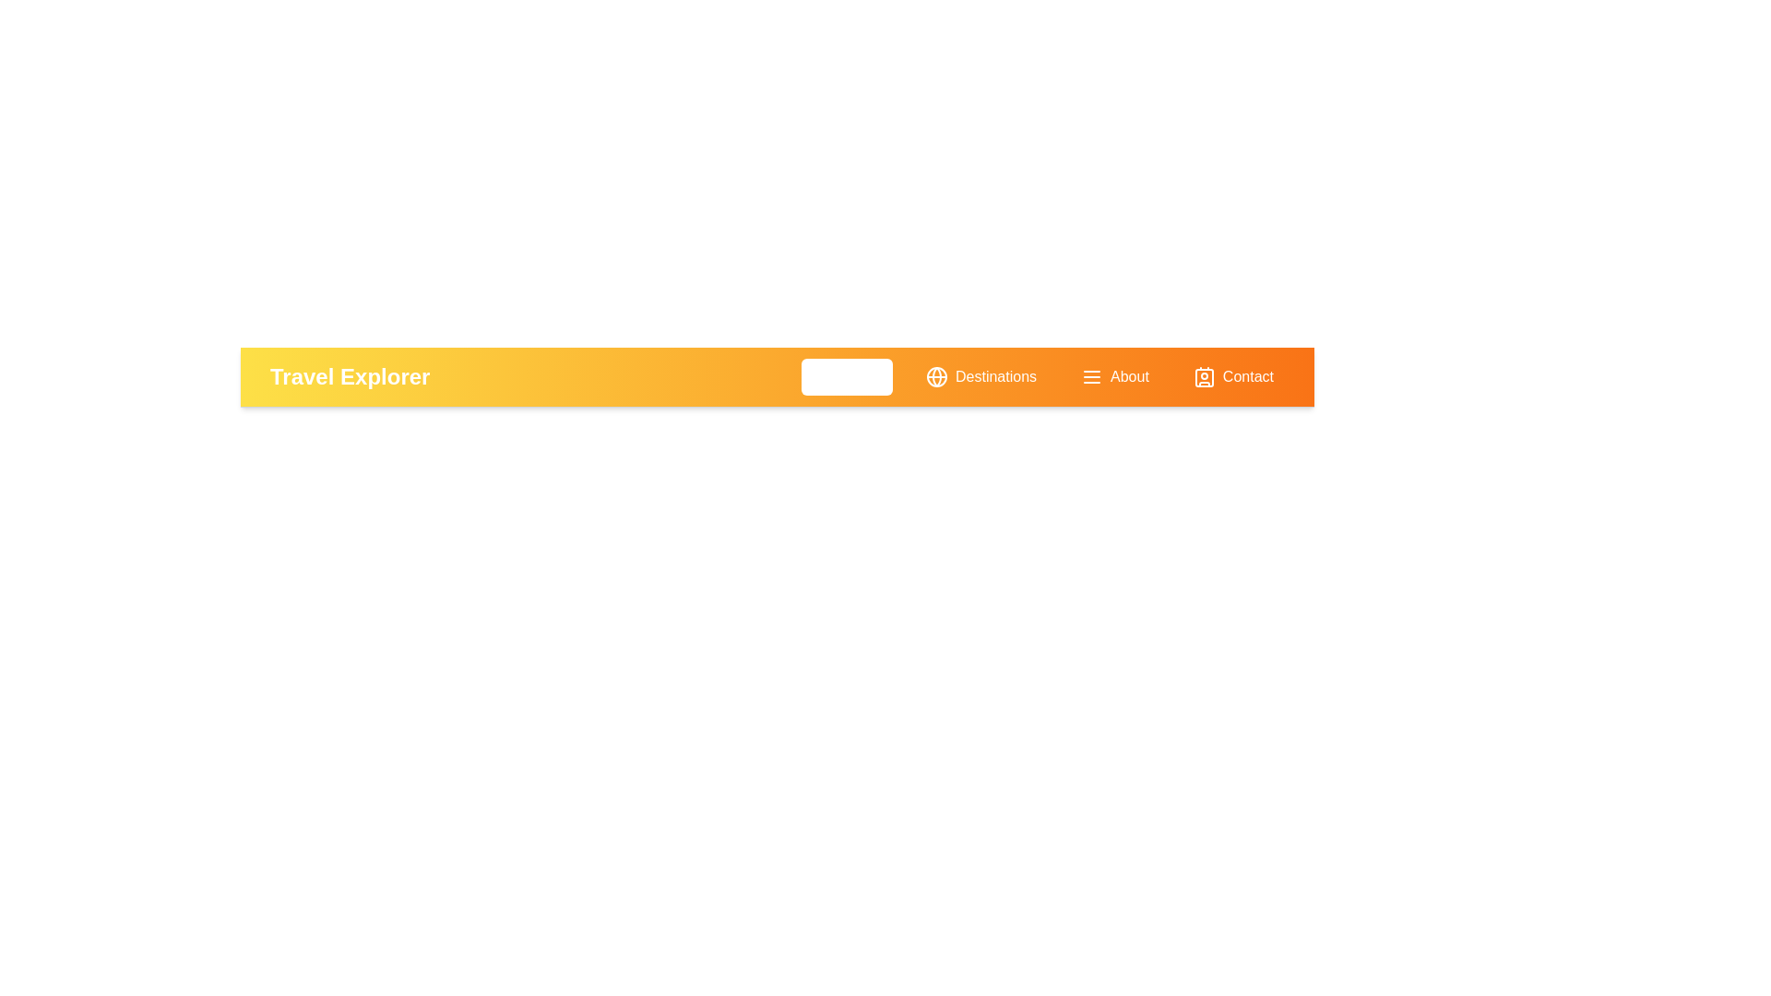 The height and width of the screenshot is (996, 1771). What do you see at coordinates (1204, 376) in the screenshot?
I see `the contact card icon within the orange 'Contact' button located at the far right of the navigation bar` at bounding box center [1204, 376].